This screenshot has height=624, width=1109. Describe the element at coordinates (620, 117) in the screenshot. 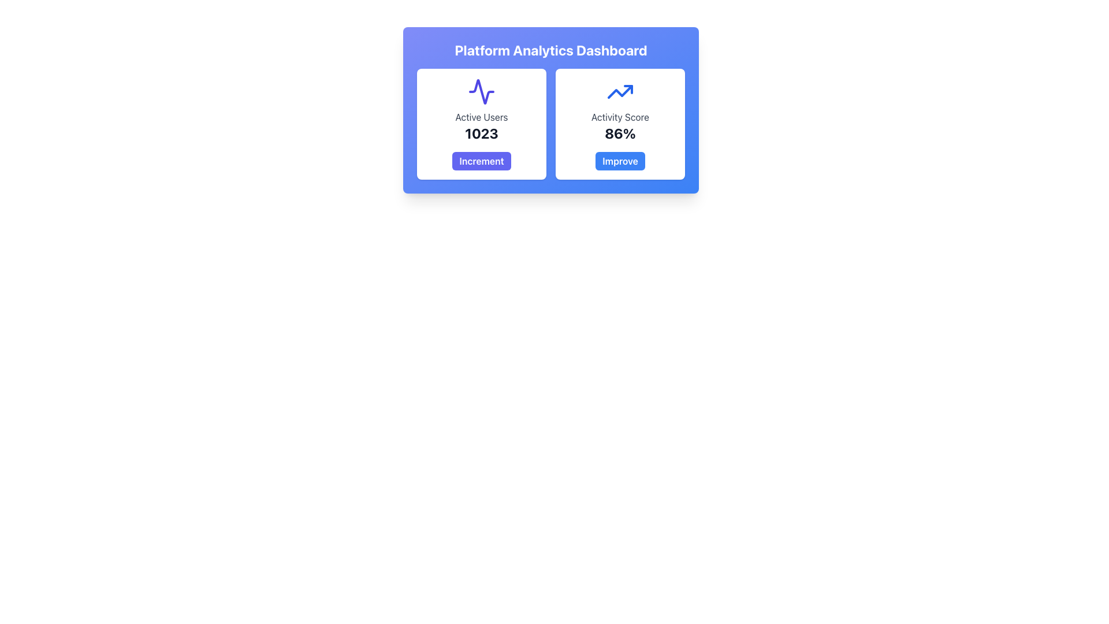

I see `the 'Activity Score' label, which displays the text in gray font and is located in the card on the right side of the 'Platform Analytics Dashboard', positioned between an upward-trending arrow icon and the '86%' text` at that location.